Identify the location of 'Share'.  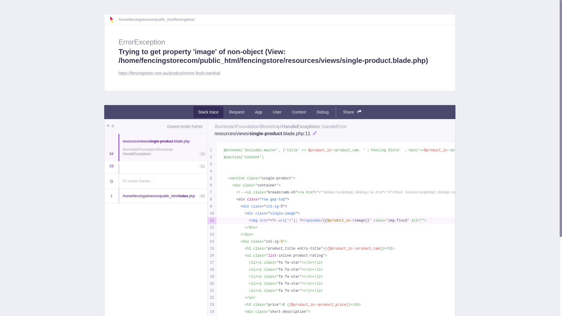
(352, 112).